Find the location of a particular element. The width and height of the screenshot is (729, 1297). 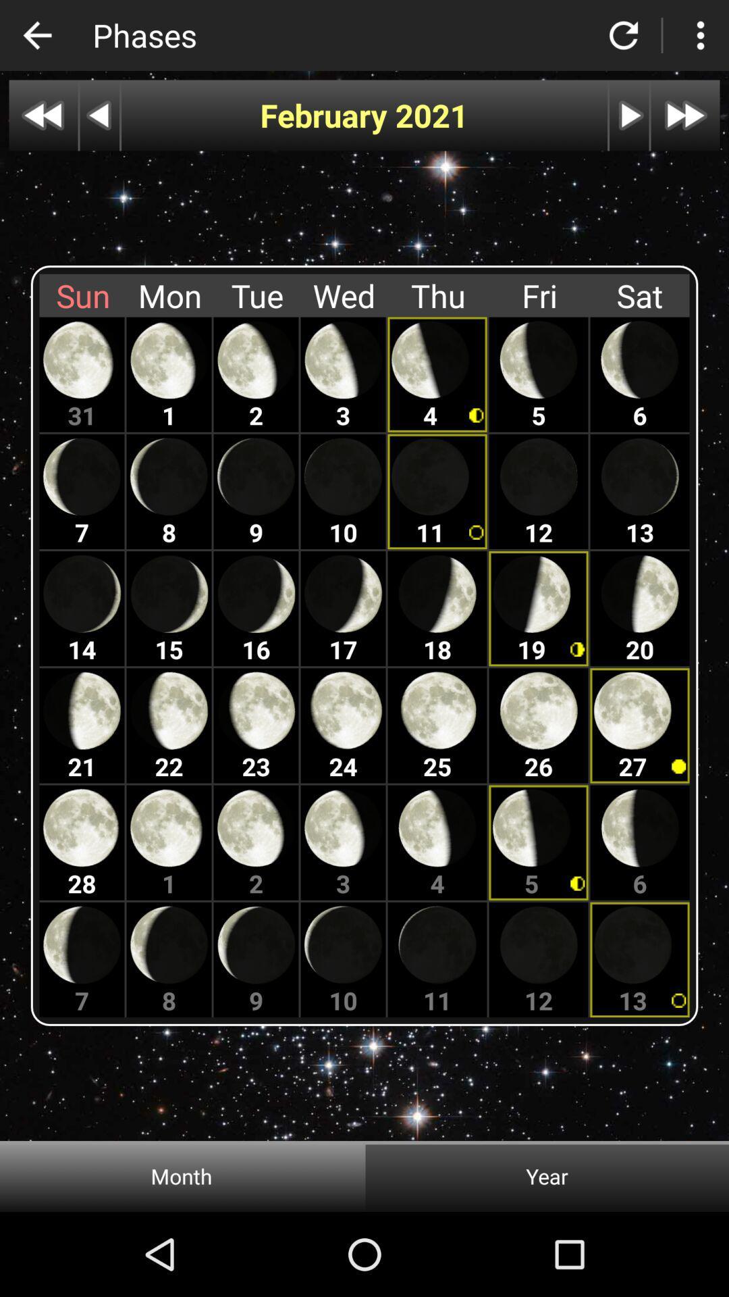

autoplay option is located at coordinates (629, 116).